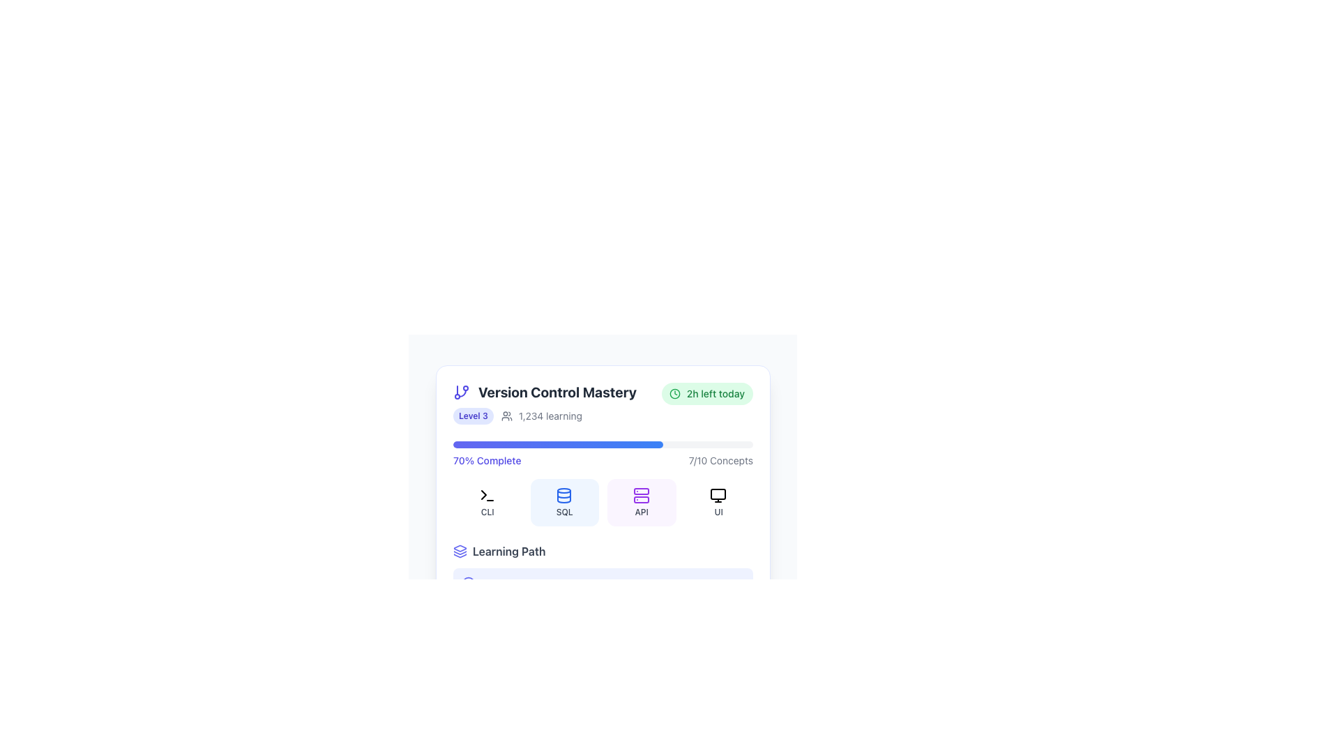 The image size is (1339, 753). Describe the element at coordinates (473, 416) in the screenshot. I see `the 'Level 3' tag with a light indigo background and darker indigo text, located in the 'Version Control Mastery' section` at that location.